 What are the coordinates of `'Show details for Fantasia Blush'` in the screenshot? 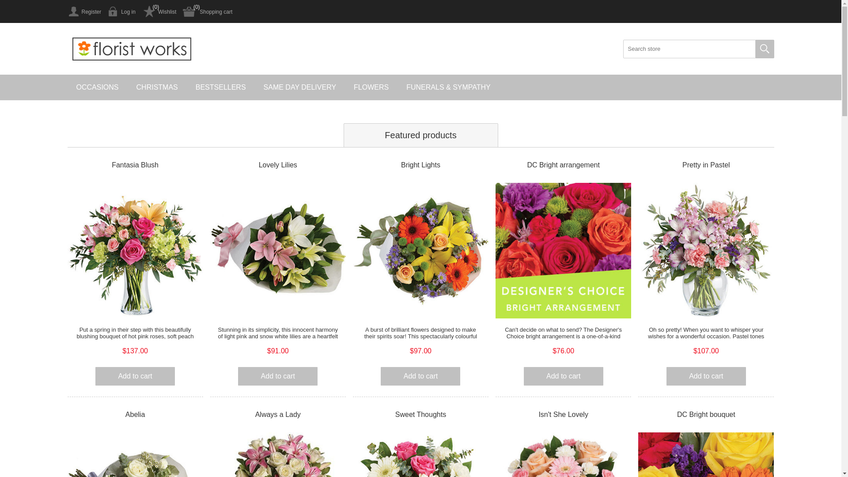 It's located at (135, 250).